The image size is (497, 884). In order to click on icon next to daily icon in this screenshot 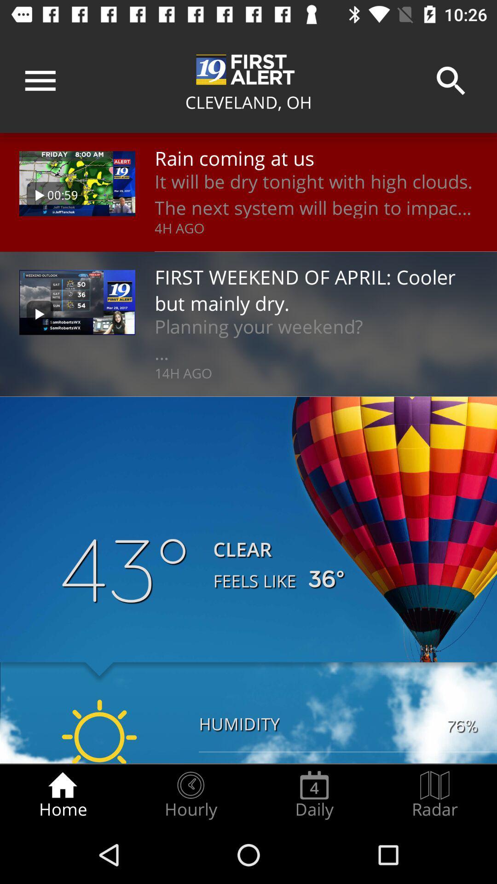, I will do `click(190, 795)`.